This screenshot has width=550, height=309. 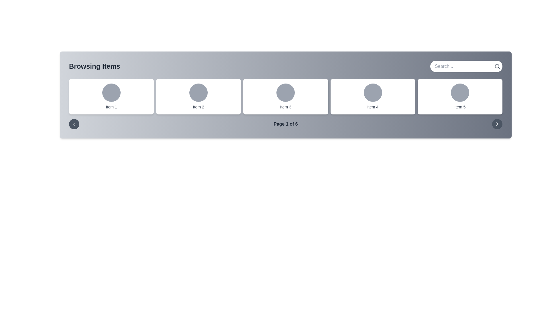 What do you see at coordinates (373, 96) in the screenshot?
I see `the card representing 'Item 4', which is the fourth item in a row of five cards, positioned between 'Item 3' and 'Item 5'` at bounding box center [373, 96].